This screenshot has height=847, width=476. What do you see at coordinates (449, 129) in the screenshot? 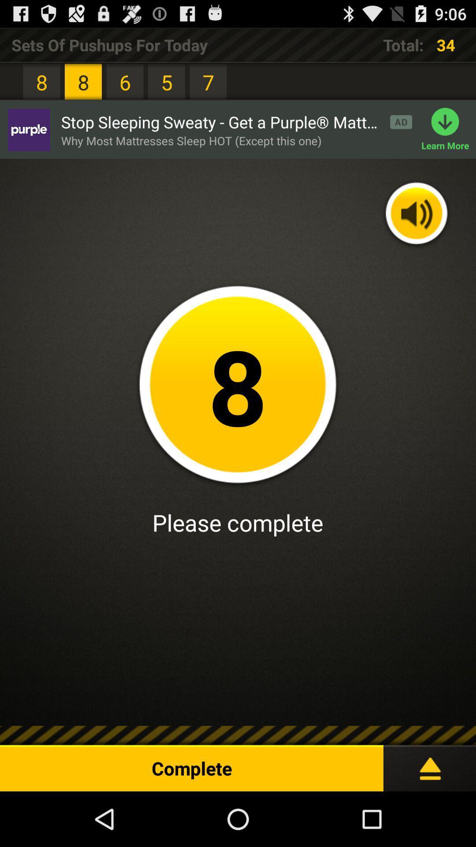
I see `the learn more item` at bounding box center [449, 129].